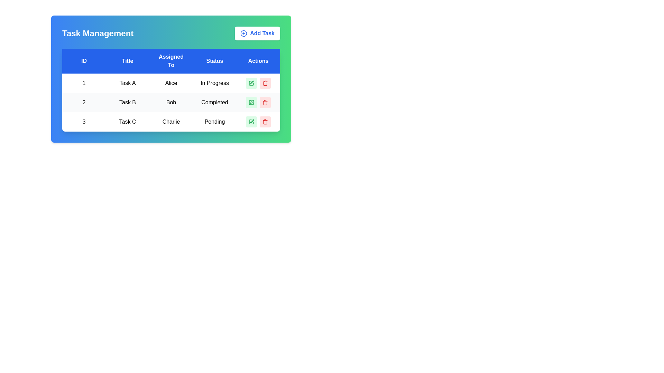 Image resolution: width=664 pixels, height=373 pixels. I want to click on the outer circular component of the icon within the 'Add Task' button, located at the top-right corner of the interface, so click(244, 33).